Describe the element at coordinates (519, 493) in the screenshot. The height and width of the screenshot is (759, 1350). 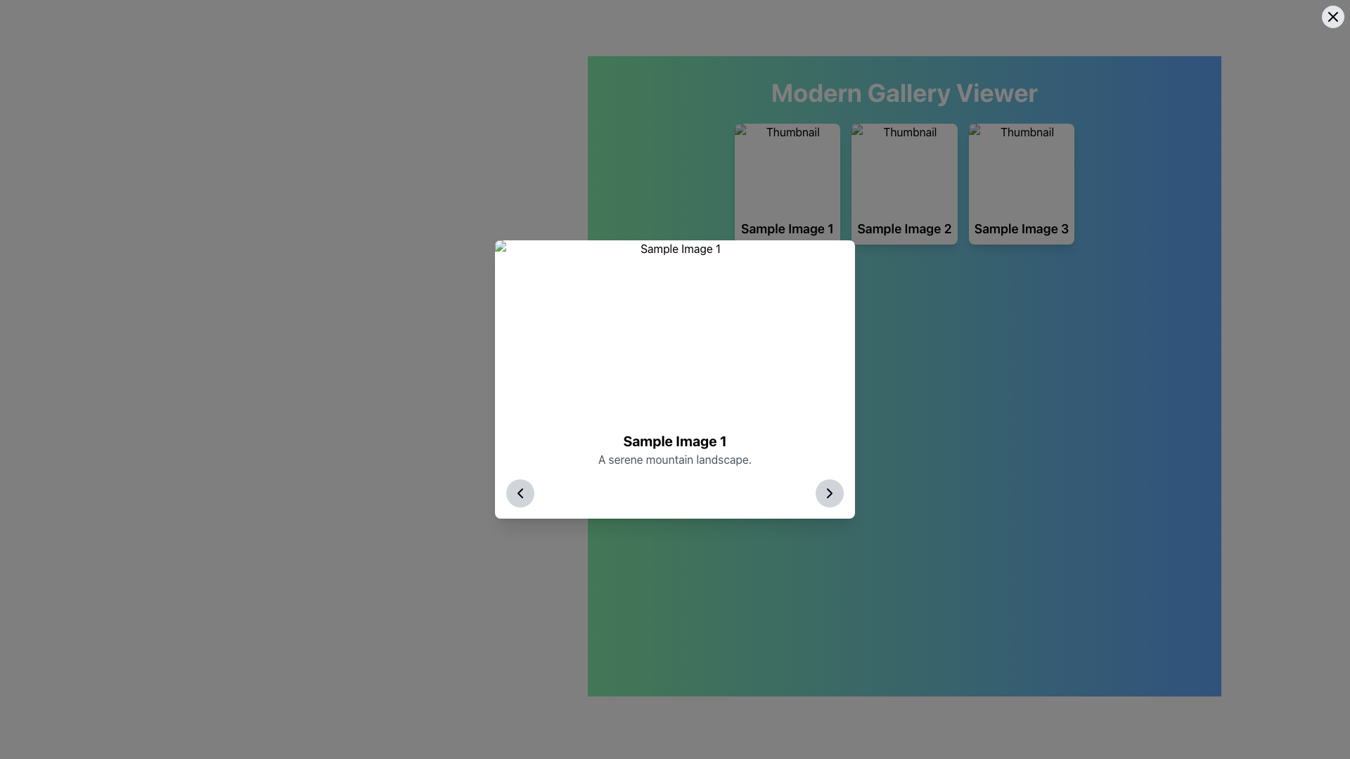
I see `the circular button with a gray background and a left-pointing chevron icon` at that location.